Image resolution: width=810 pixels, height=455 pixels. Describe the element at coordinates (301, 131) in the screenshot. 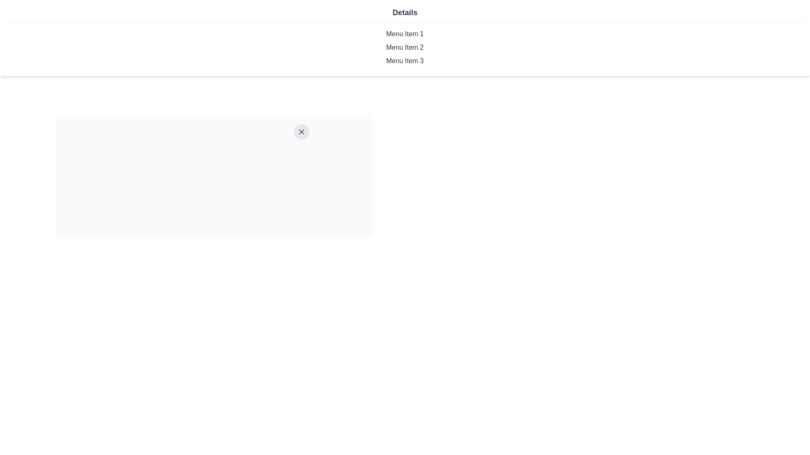

I see `the close icon, which is a gray circular button located at the top-right corner of a white rectangular area` at that location.